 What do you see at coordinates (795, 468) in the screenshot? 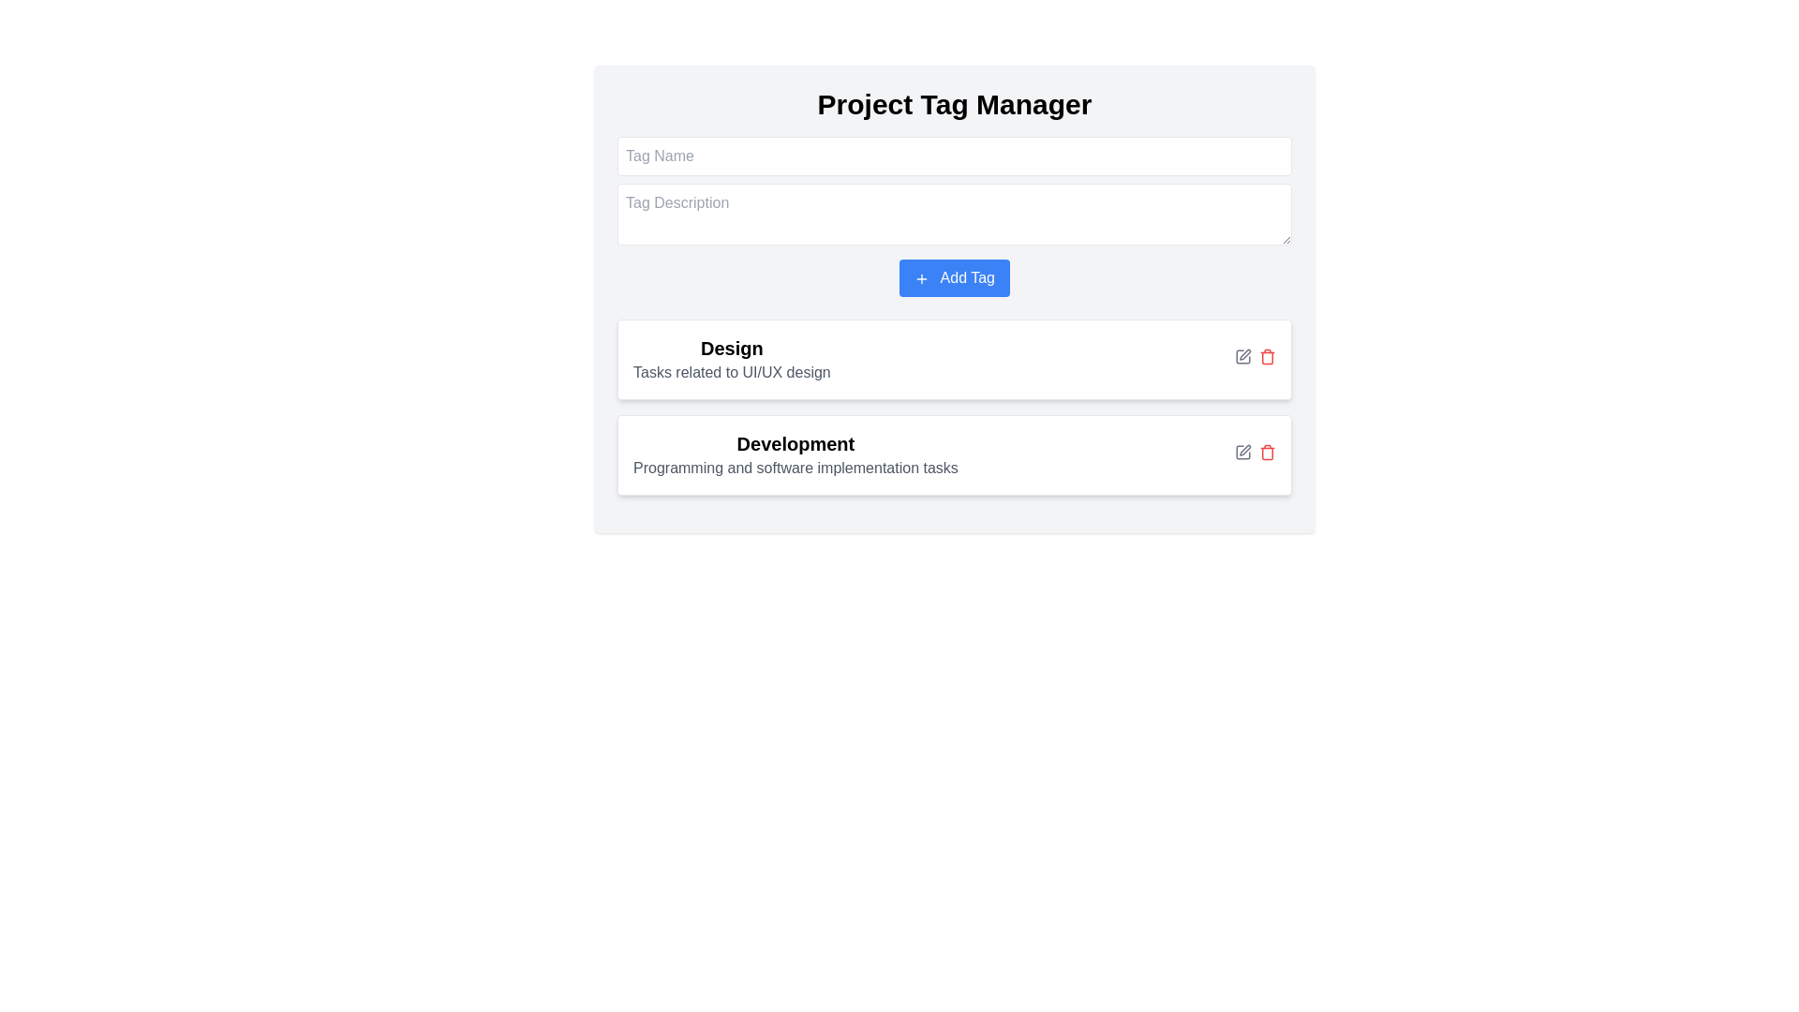
I see `the static text label displaying 'Programming and software implementation tasks' which is styled with a gray font and located below the bold title 'Development'` at bounding box center [795, 468].